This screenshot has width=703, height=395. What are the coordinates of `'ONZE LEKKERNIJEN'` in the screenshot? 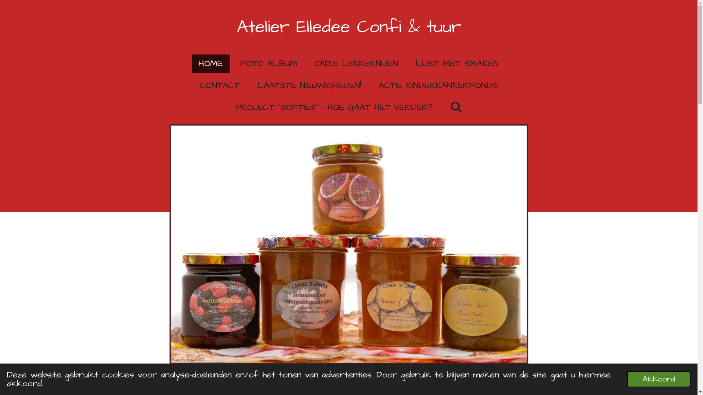 It's located at (308, 63).